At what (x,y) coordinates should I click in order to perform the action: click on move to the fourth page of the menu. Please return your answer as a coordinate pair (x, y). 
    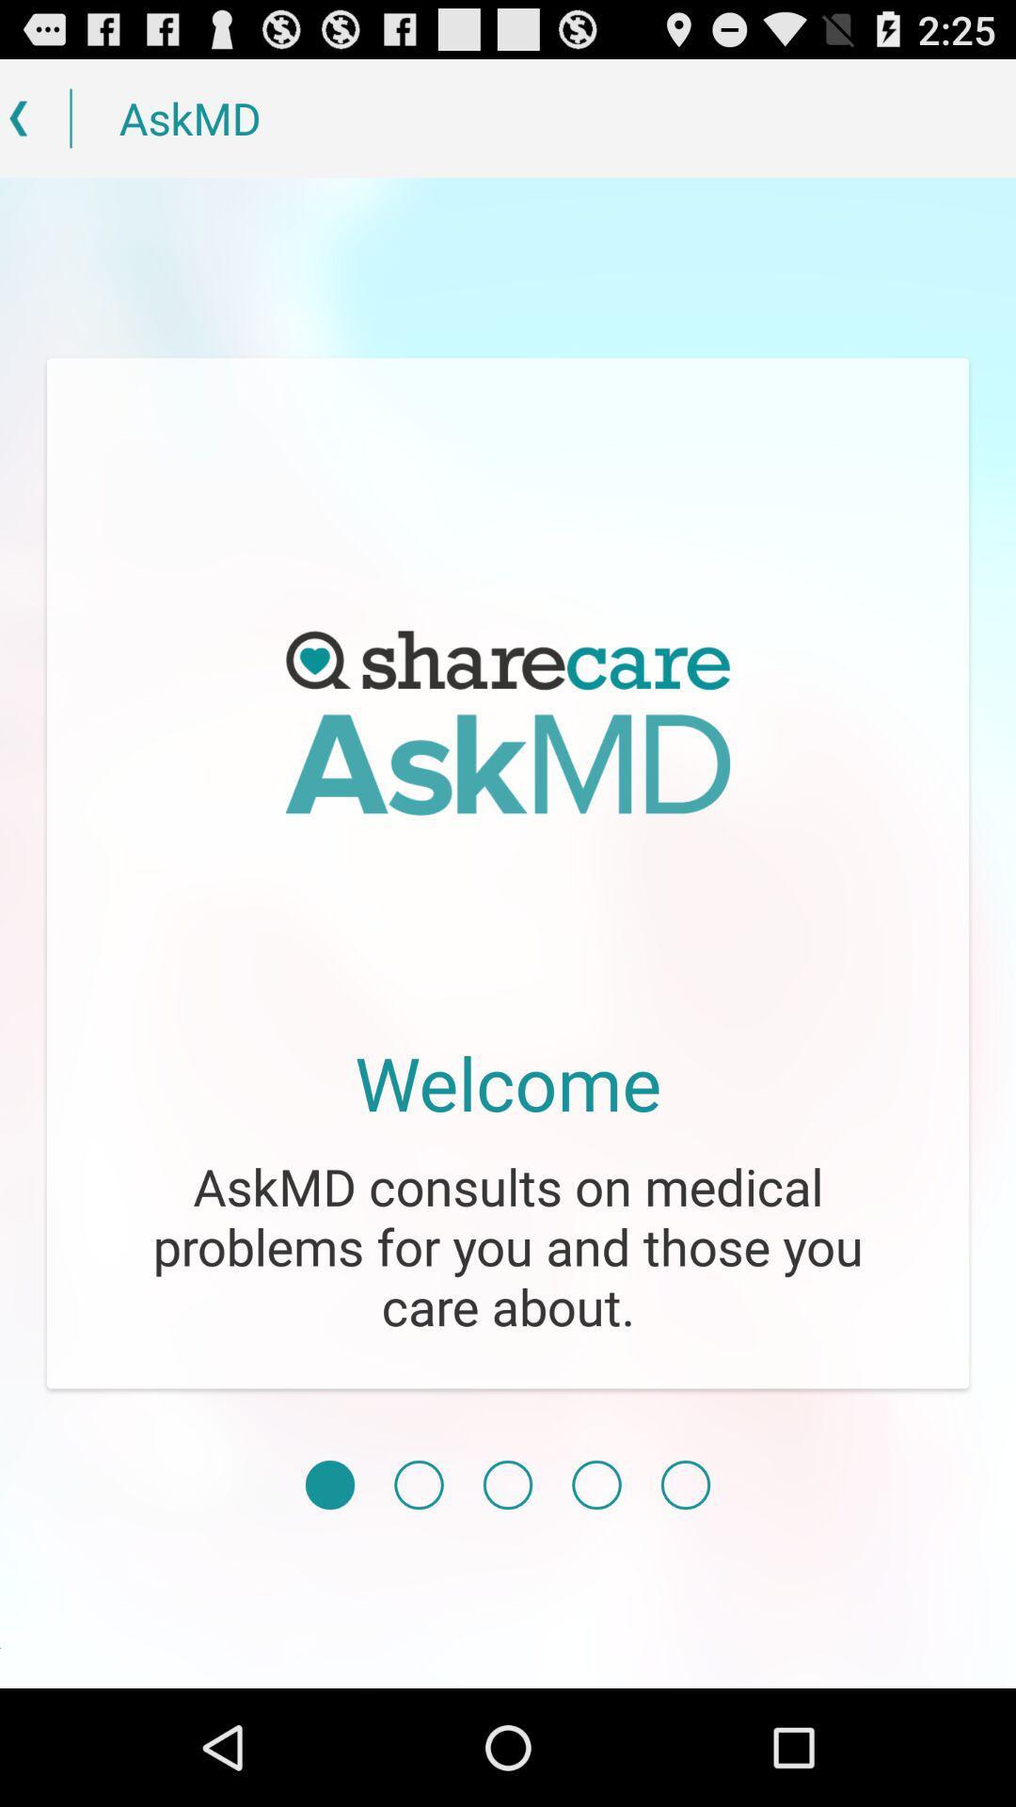
    Looking at the image, I should click on (596, 1484).